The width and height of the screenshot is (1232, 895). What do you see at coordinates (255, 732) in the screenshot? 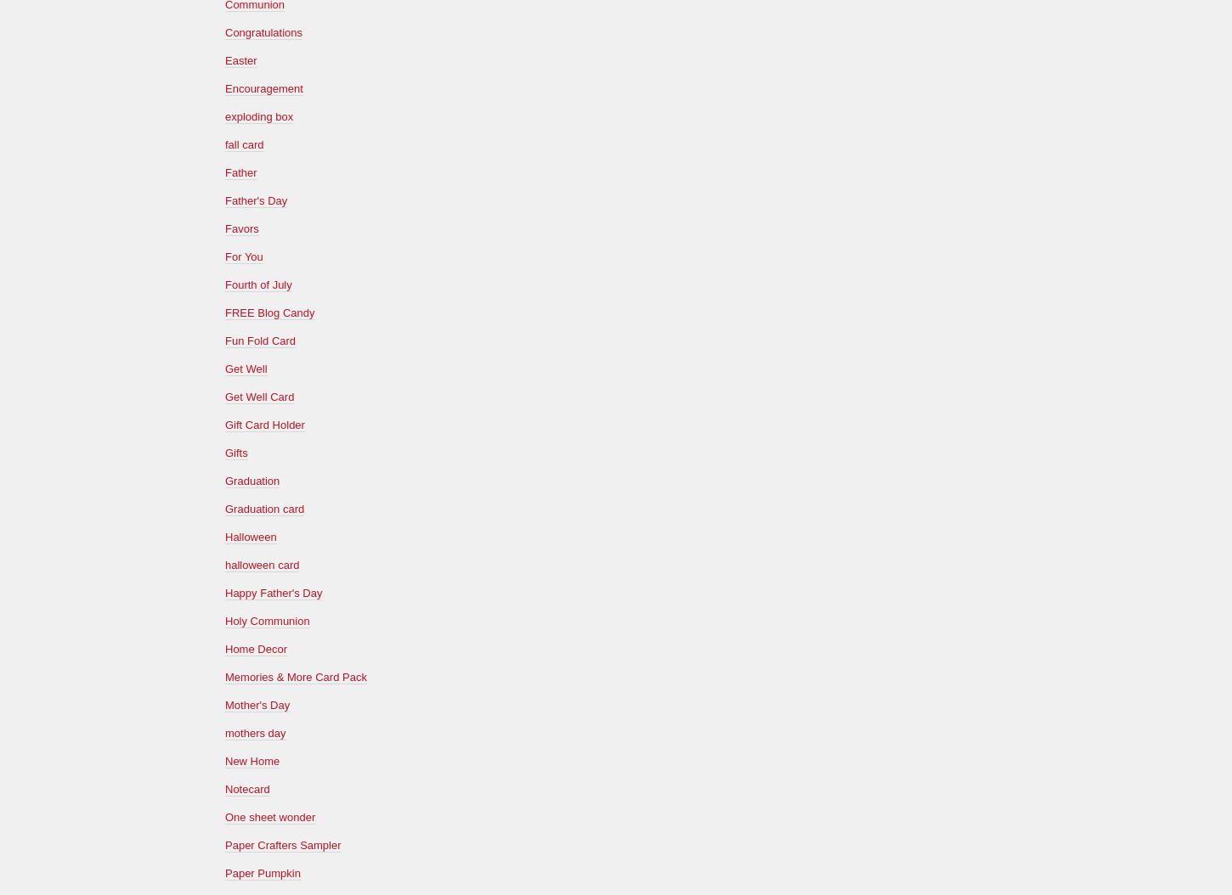
I see `'mothers day'` at bounding box center [255, 732].